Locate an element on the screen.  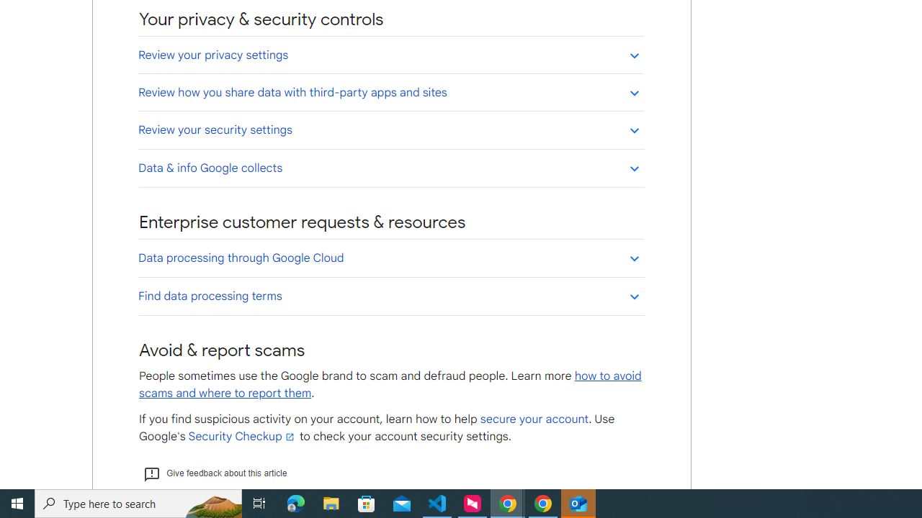
'Give feedback about this article' is located at coordinates (214, 473).